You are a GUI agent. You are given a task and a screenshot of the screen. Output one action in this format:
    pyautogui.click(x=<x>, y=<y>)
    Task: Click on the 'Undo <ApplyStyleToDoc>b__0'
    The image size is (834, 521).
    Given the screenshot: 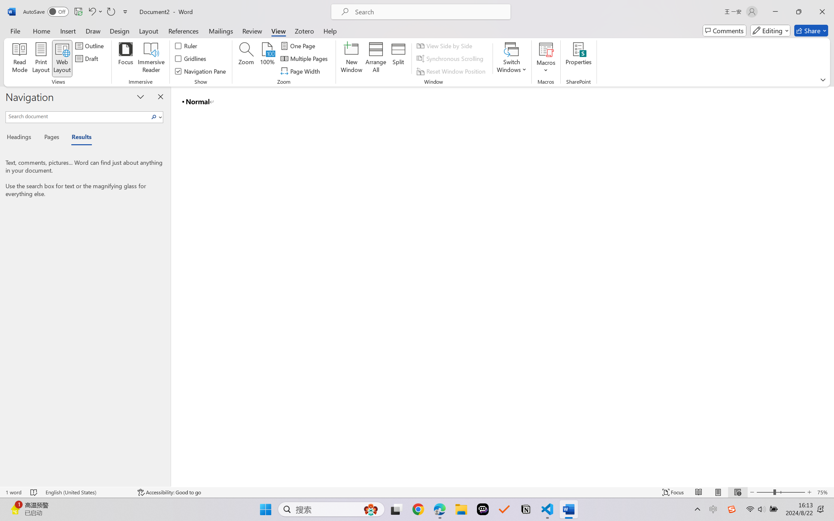 What is the action you would take?
    pyautogui.click(x=94, y=11)
    